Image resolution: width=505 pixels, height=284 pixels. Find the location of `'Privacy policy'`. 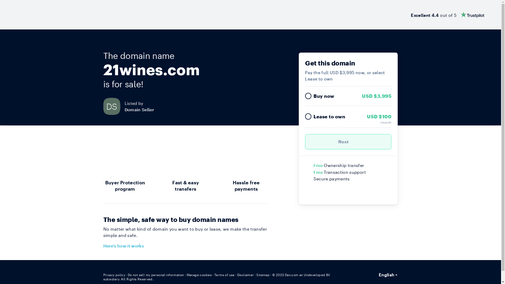

'Privacy policy' is located at coordinates (114, 275).